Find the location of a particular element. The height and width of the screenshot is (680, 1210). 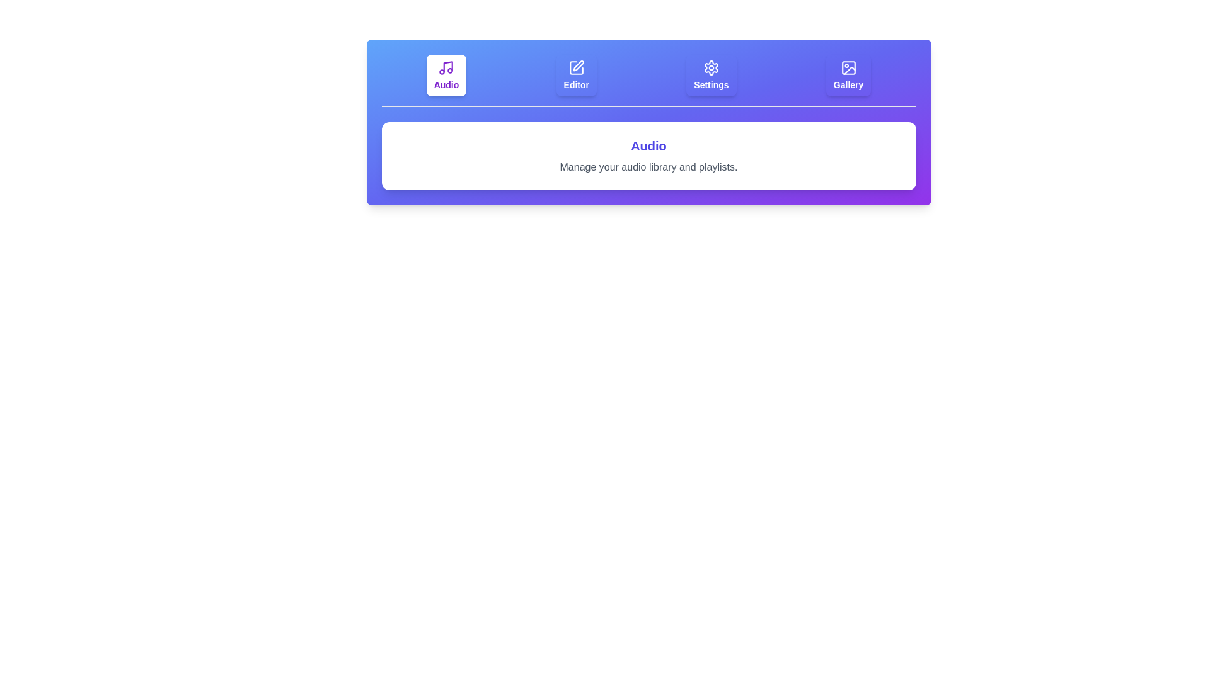

the tab labeled Settings to observe its hover effect is located at coordinates (711, 75).